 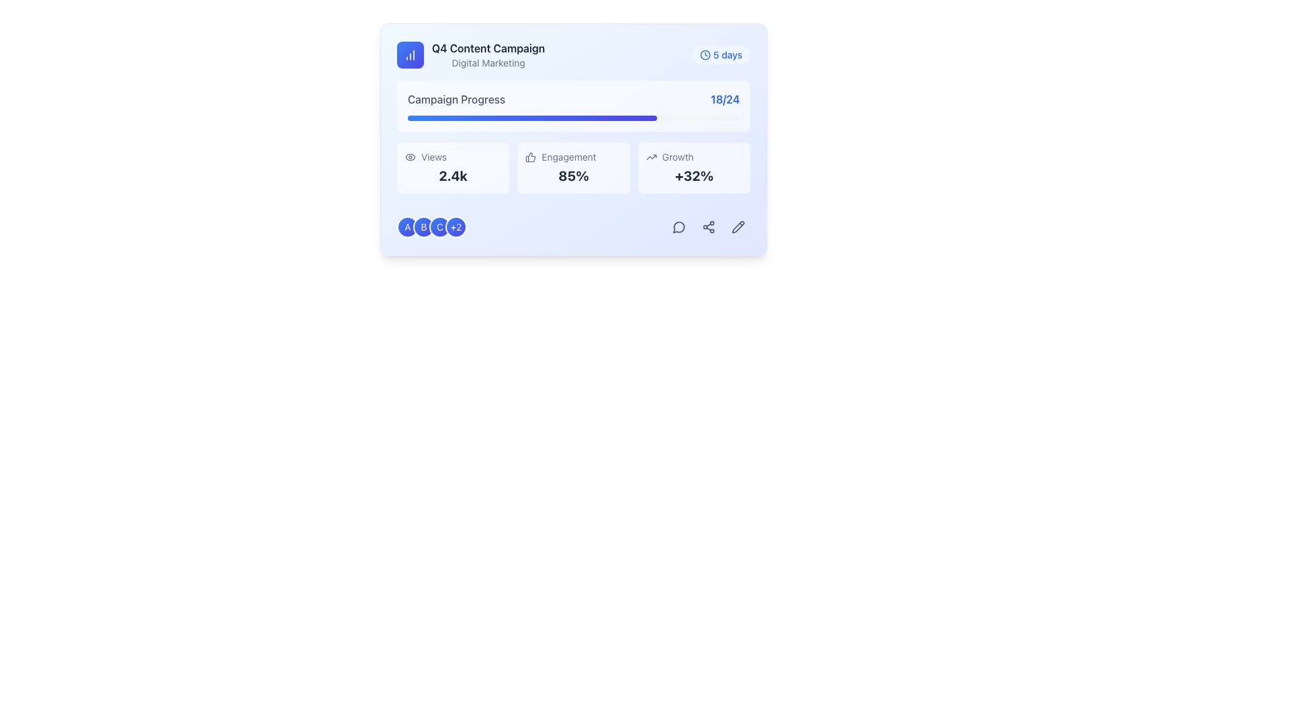 I want to click on the Informational Card that displays the percentage growth metric, located in the third column of the grid layout, at the bottom right quadrant, so click(x=694, y=167).